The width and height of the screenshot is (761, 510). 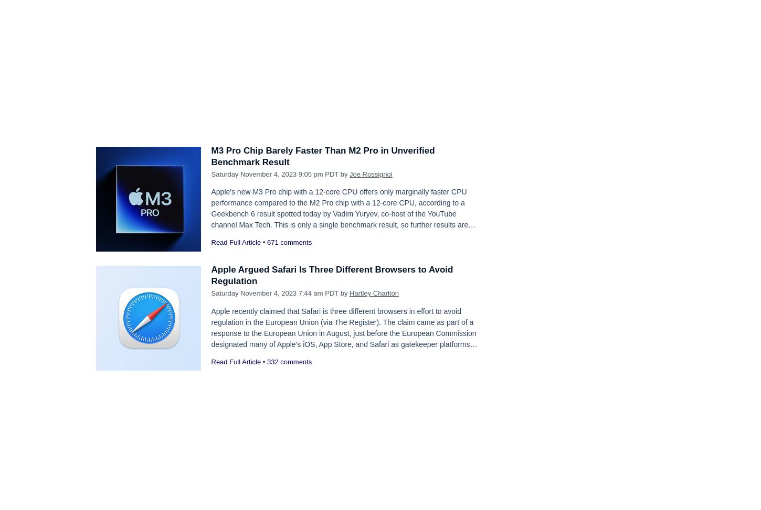 What do you see at coordinates (342, 219) in the screenshot?
I see `'Apple's new M3 Pro chip with a 12-core CPU offers only marginally faster CPU performance compared to the M2 Pro chip with a 12-core CPU, according to a Geekbench 6 result spotted today by Vadim Yuryev, co-host of the YouTube channel Max Tech. This is only a single benchmark result, so further results are needed to ensure accuracy. Apple announced new 14-inch and 16-inch MacBook Pro models...'` at bounding box center [342, 219].